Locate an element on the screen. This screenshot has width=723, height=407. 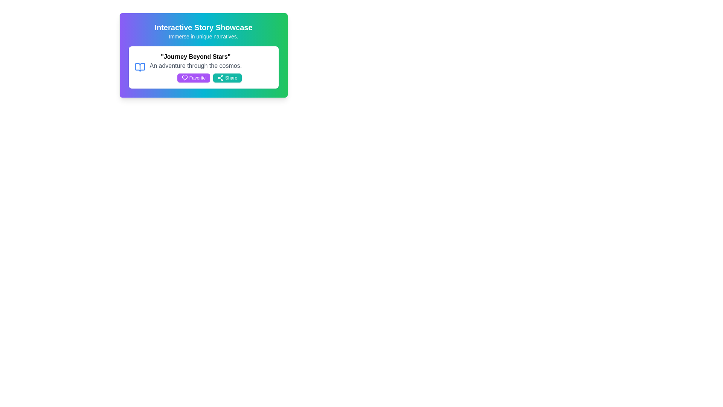
the text label that provides a descriptive subtitle for the title 'Journey Beyond Stars', positioned directly below the title and above the buttons labeled 'Favorite' and 'Share' is located at coordinates (195, 65).